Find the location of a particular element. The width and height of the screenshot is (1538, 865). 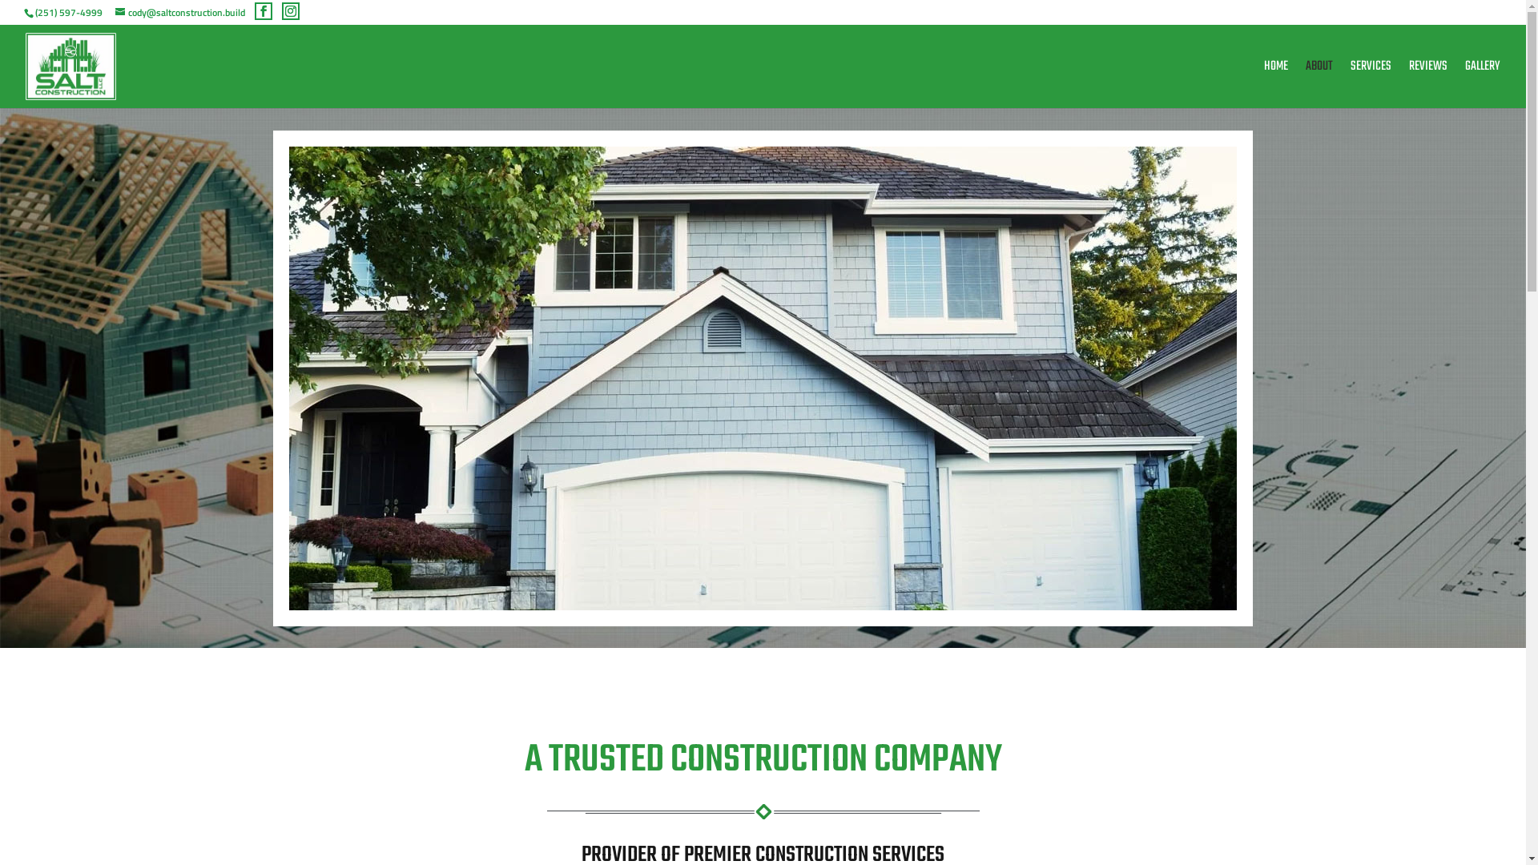

'(251) 597-4999' is located at coordinates (34, 12).